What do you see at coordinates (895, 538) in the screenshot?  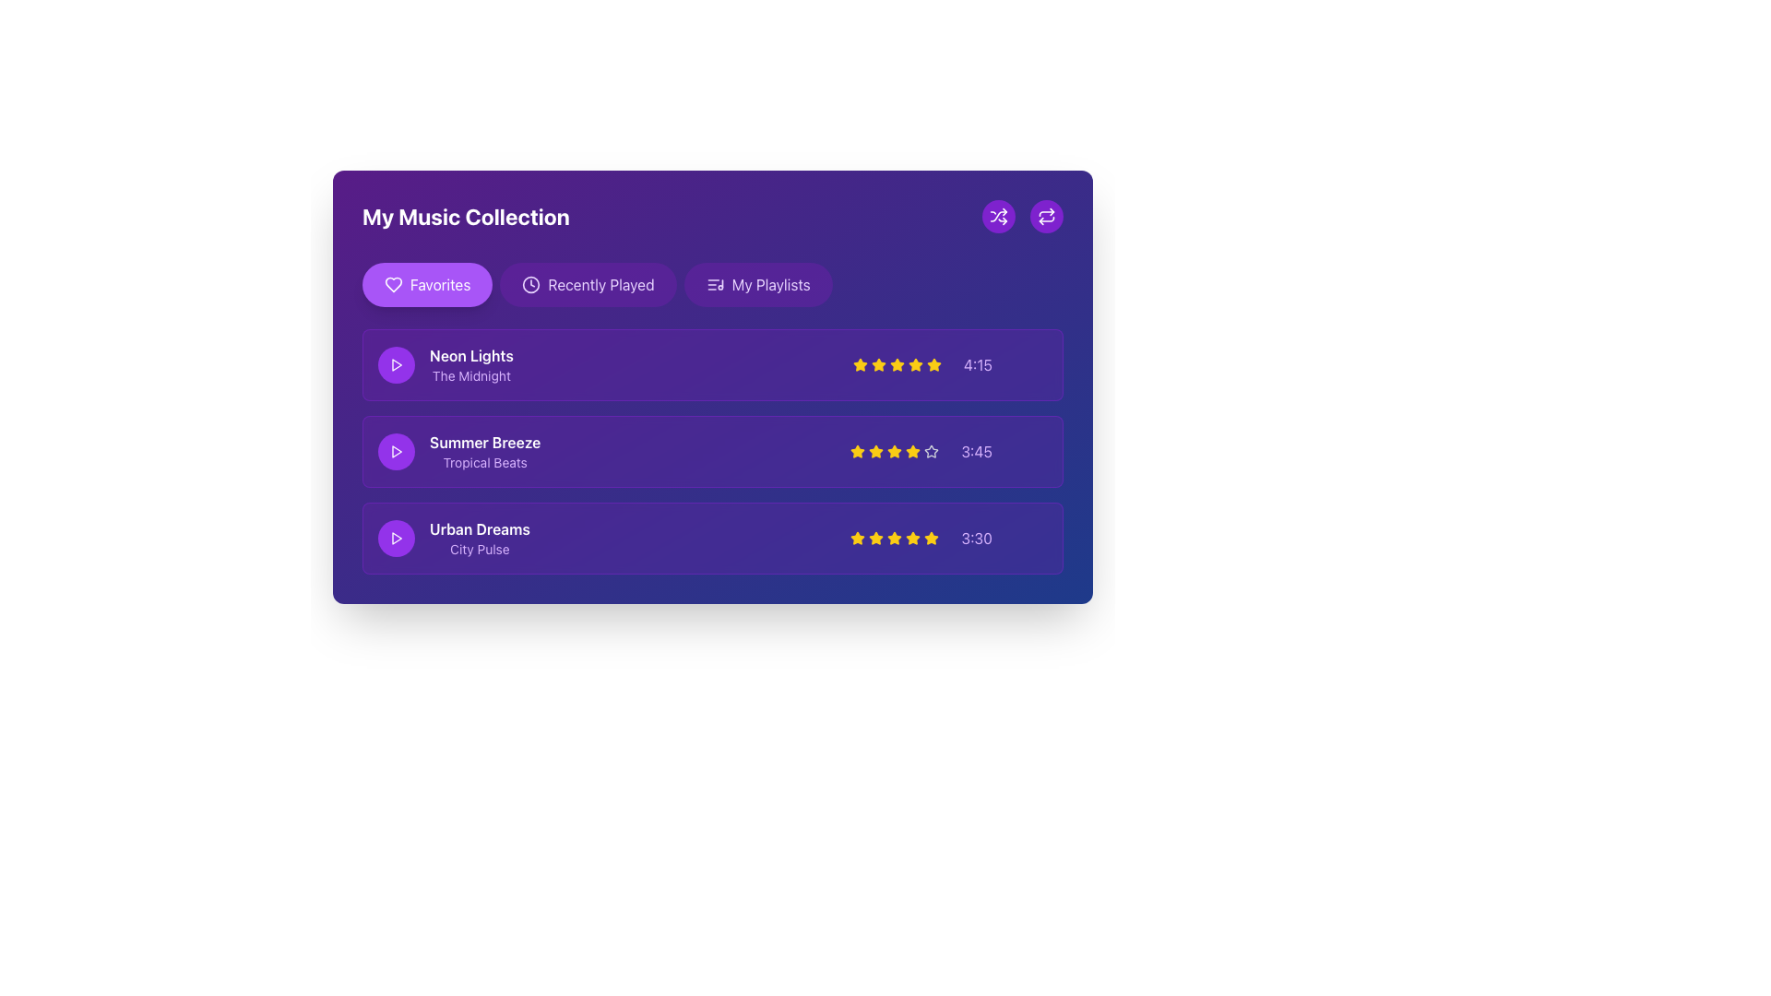 I see `the third yellow star icon in the rating set for the 'Urban Dreams' track` at bounding box center [895, 538].